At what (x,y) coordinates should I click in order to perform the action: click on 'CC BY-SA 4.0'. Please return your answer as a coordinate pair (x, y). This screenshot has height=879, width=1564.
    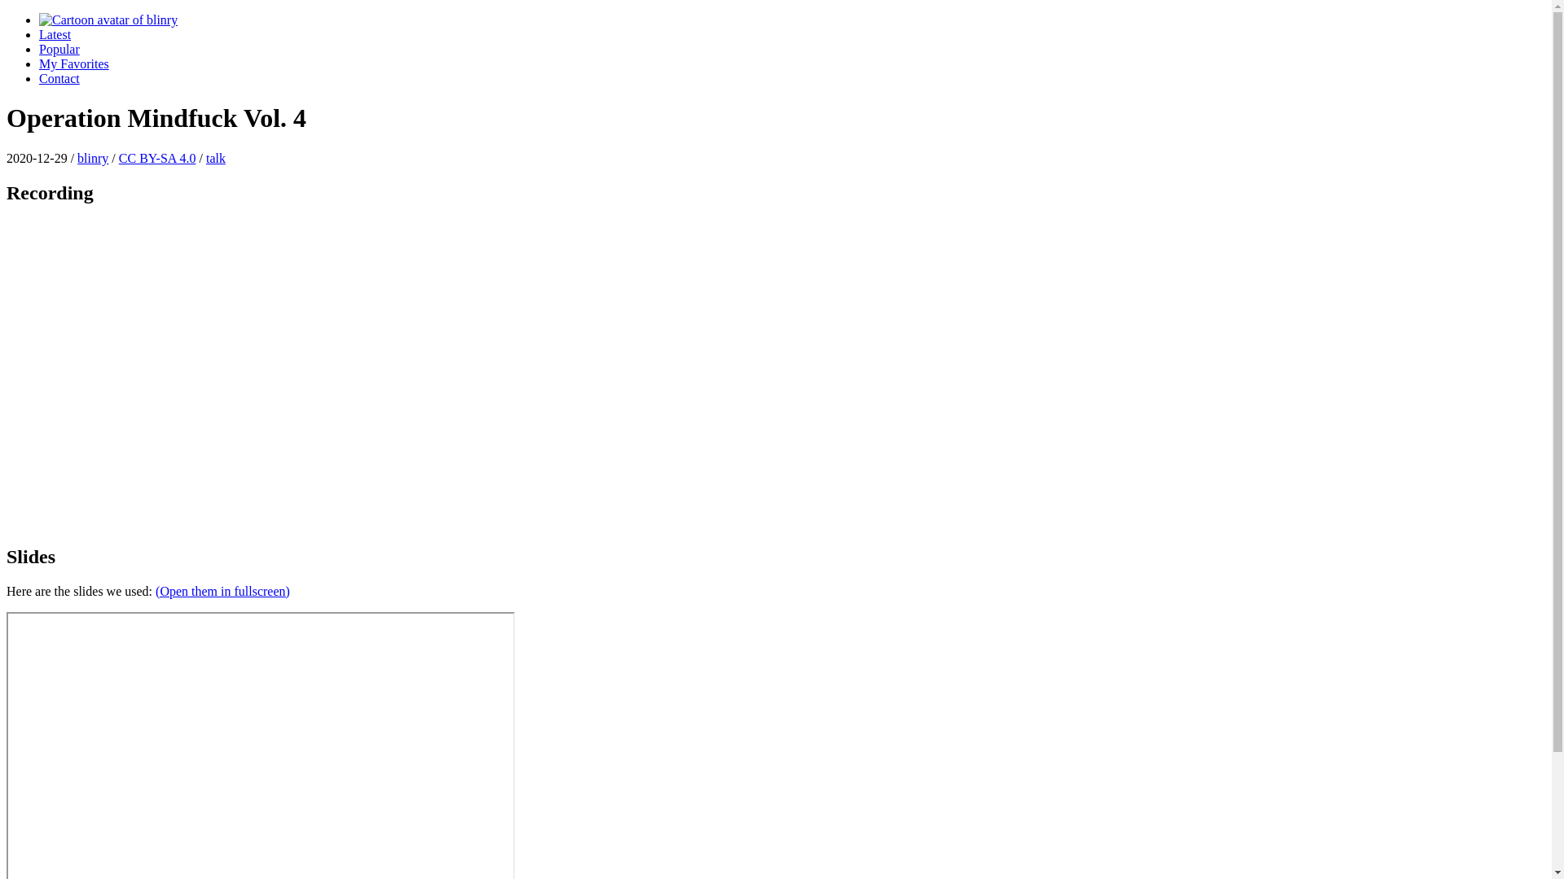
    Looking at the image, I should click on (157, 158).